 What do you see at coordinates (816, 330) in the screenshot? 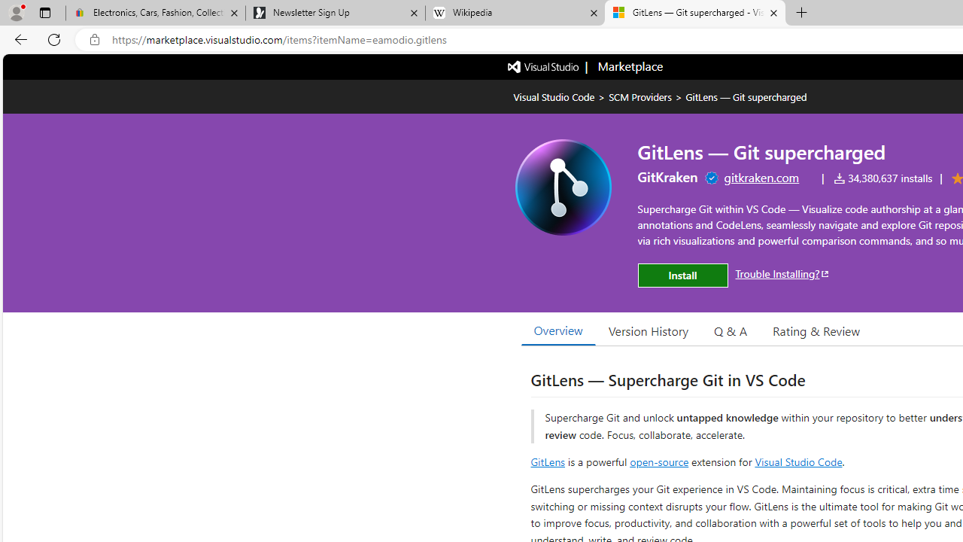
I see `'Rating & Review'` at bounding box center [816, 330].